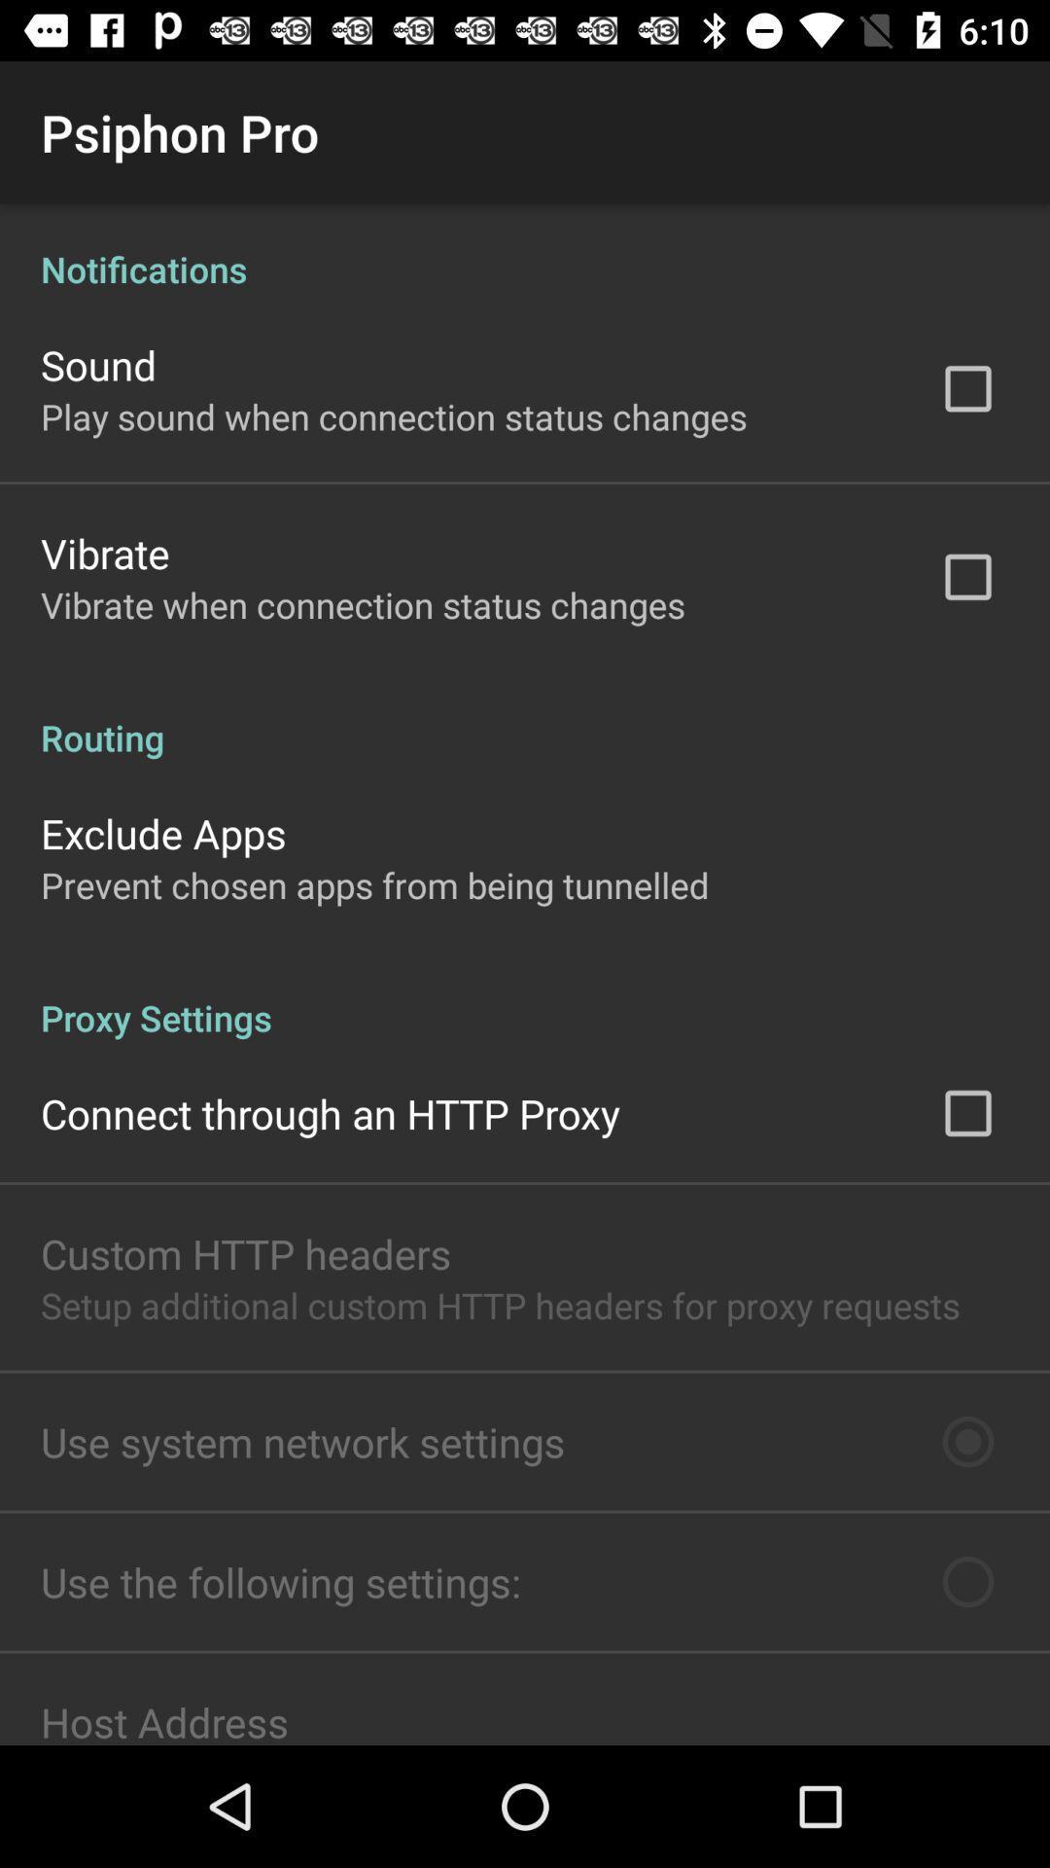 This screenshot has width=1050, height=1868. What do you see at coordinates (330, 1113) in the screenshot?
I see `the item below the proxy settings icon` at bounding box center [330, 1113].